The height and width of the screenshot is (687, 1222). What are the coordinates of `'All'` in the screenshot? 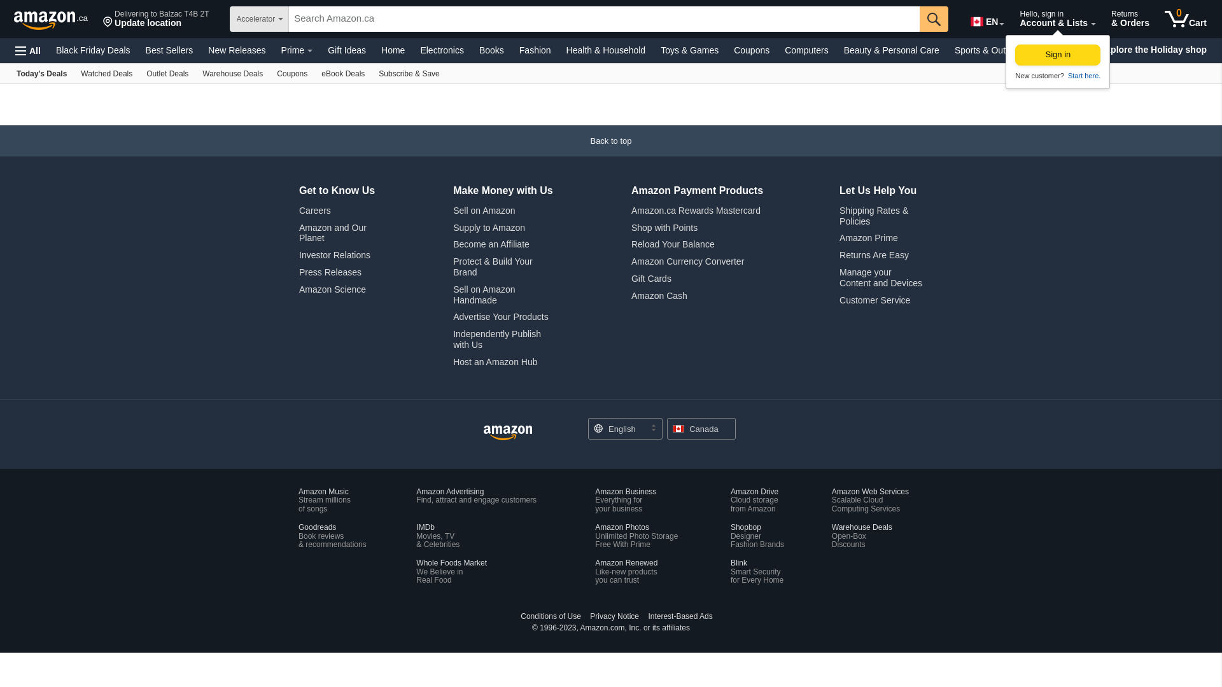 It's located at (27, 50).